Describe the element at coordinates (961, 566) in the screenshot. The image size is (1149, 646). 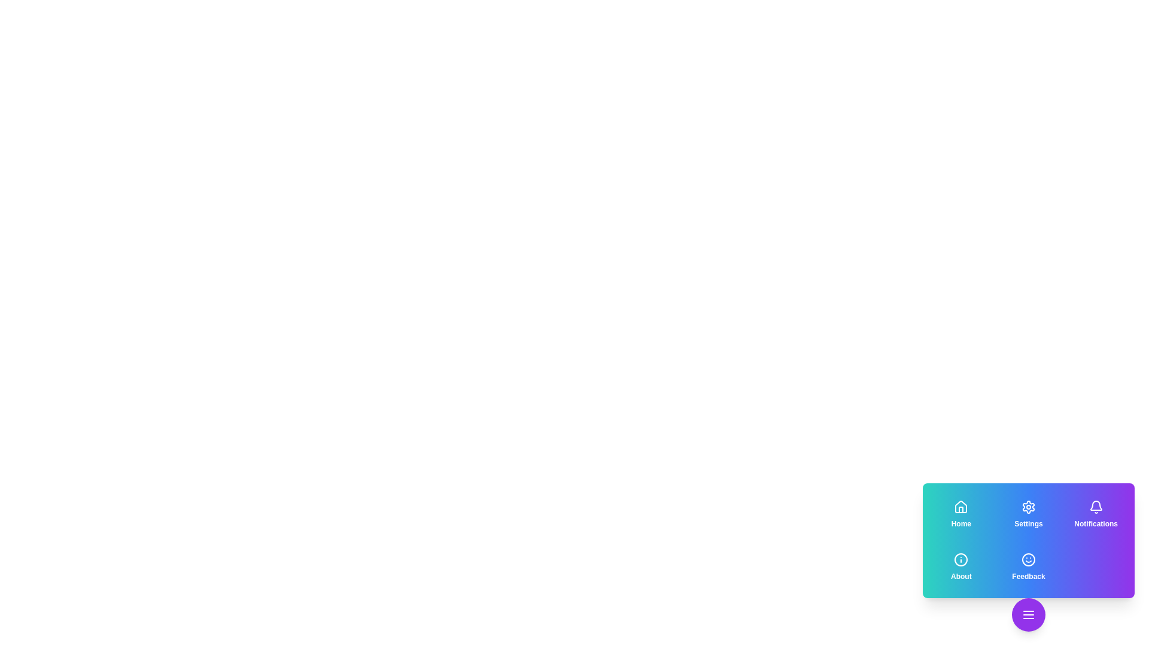
I see `the 'About' button` at that location.